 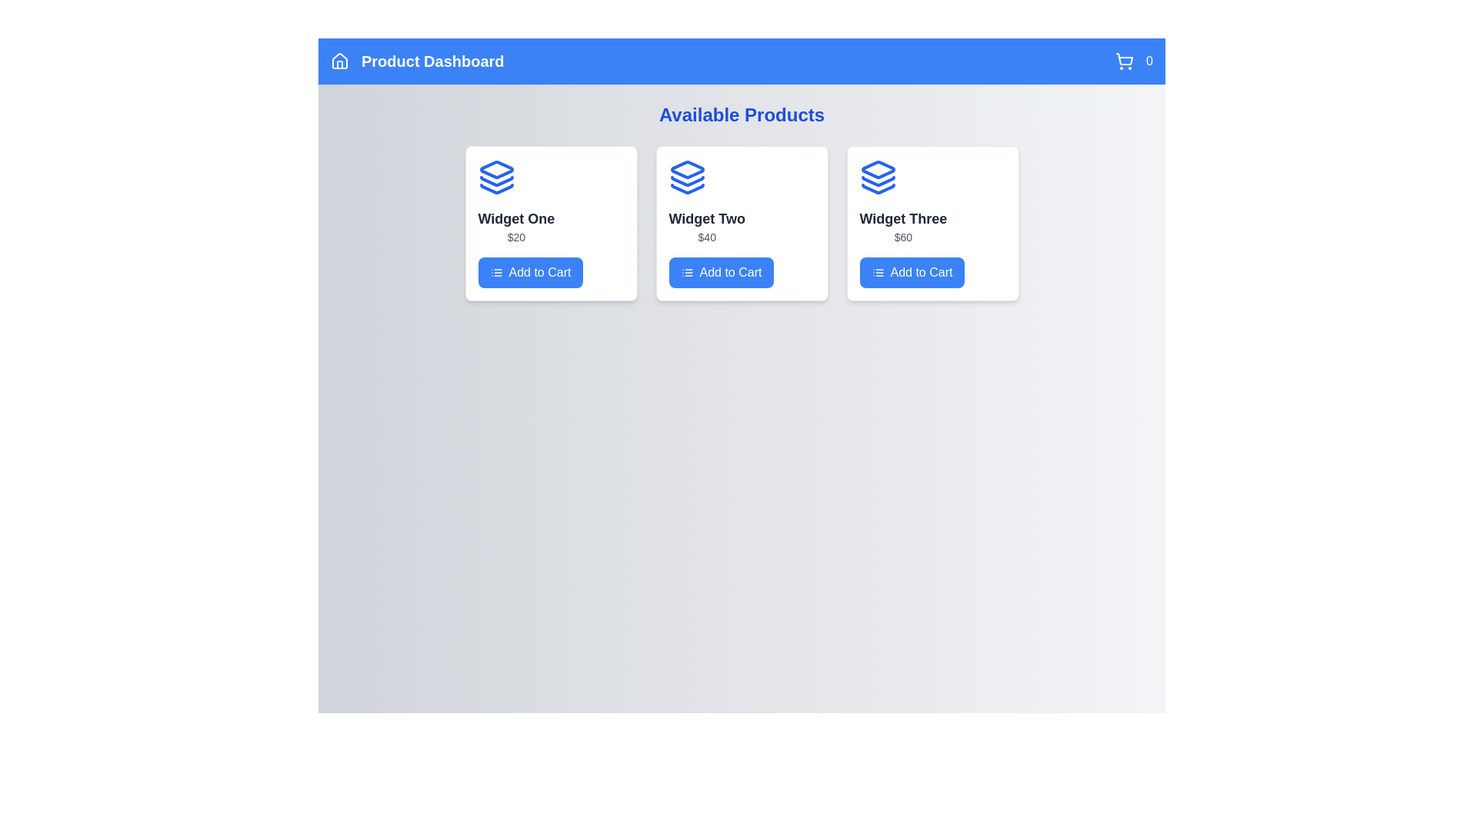 What do you see at coordinates (912, 271) in the screenshot?
I see `the 'Add to Cart' button with a blue background and white text located in the card titled 'Widget Three' below the price label '$60'` at bounding box center [912, 271].